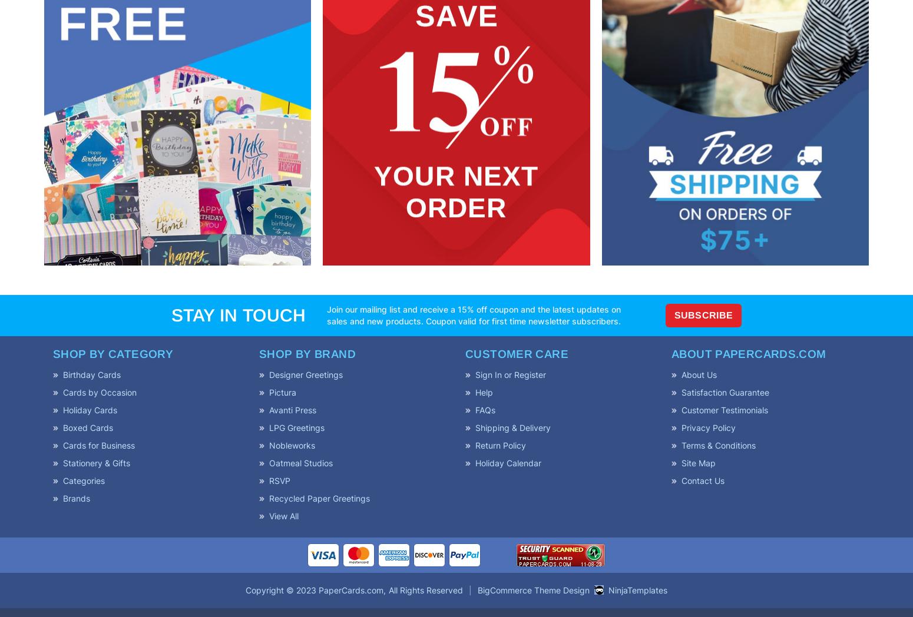  I want to click on 'Categories', so click(84, 479).